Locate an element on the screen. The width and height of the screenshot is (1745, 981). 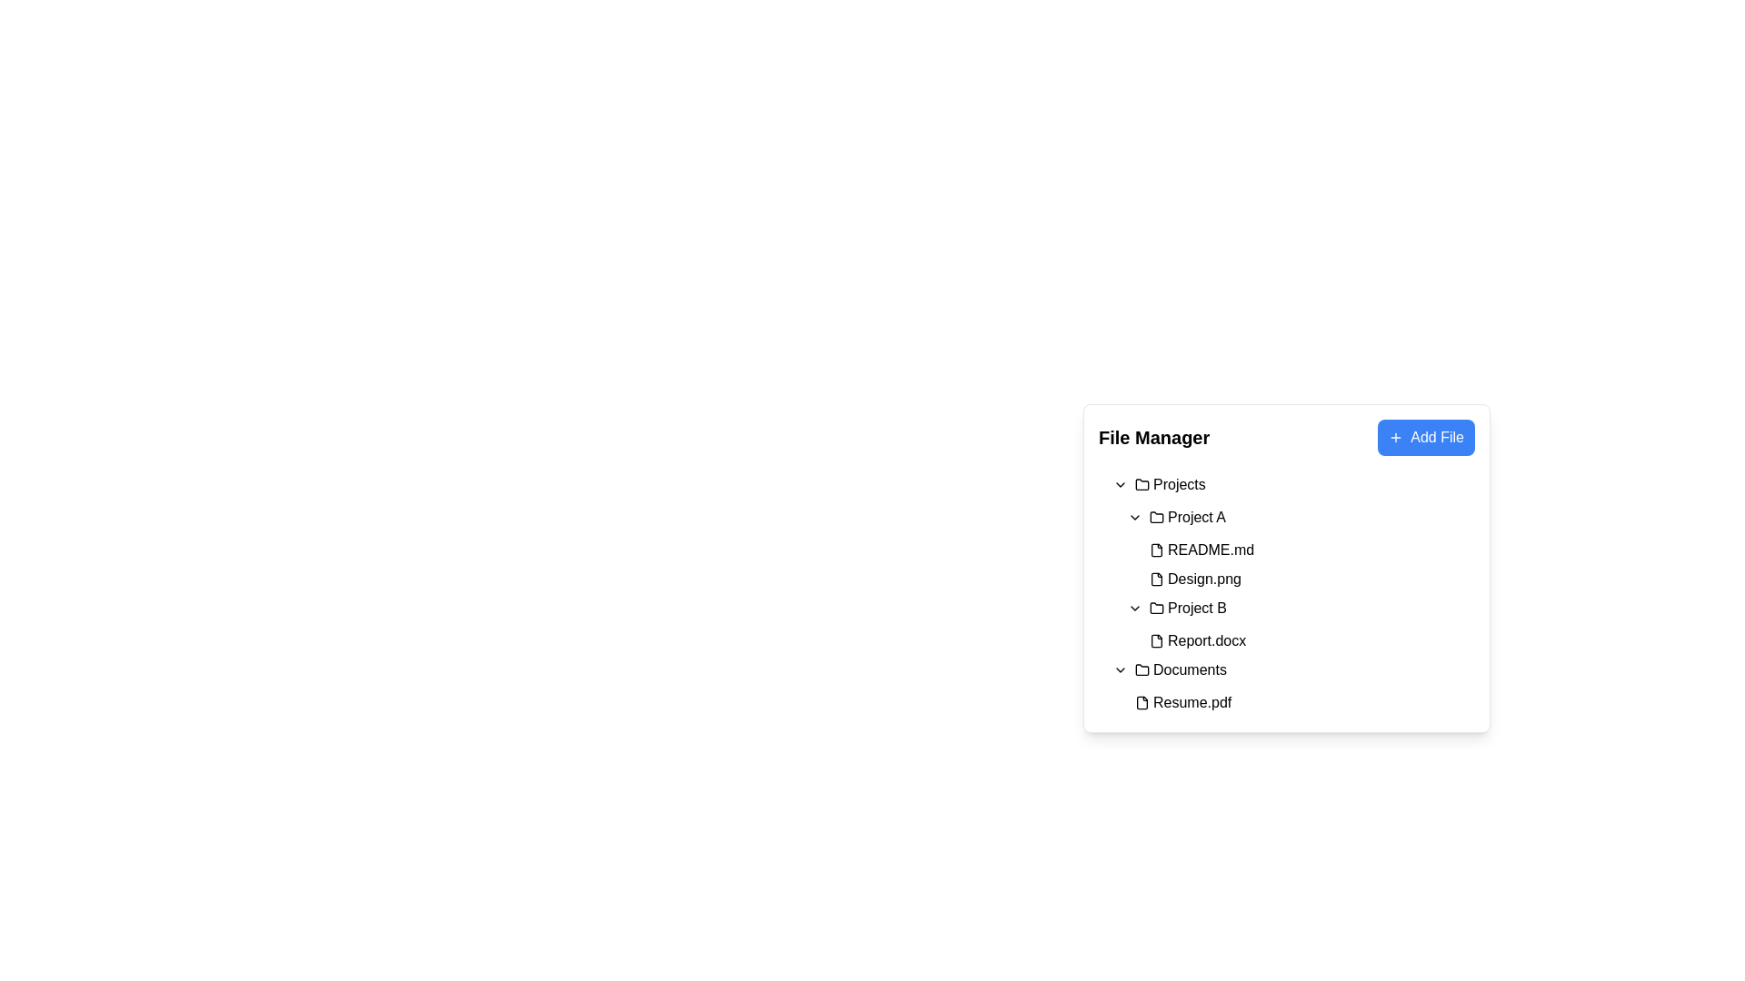
the text 'Project B' associated with the folder icon is located at coordinates (1197, 609).